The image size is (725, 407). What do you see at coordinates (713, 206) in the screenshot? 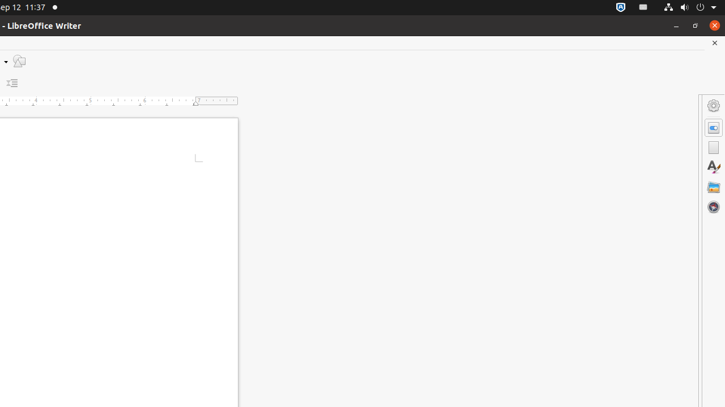
I see `'Navigator'` at bounding box center [713, 206].